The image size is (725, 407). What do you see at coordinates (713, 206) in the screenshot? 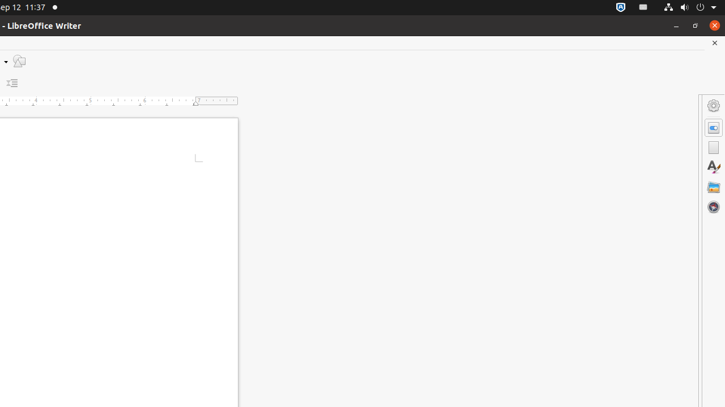
I see `'Navigator'` at bounding box center [713, 206].